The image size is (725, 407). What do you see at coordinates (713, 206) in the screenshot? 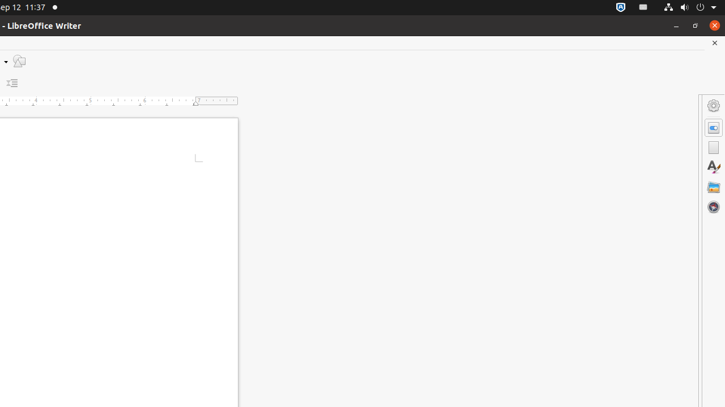
I see `'Navigator'` at bounding box center [713, 206].